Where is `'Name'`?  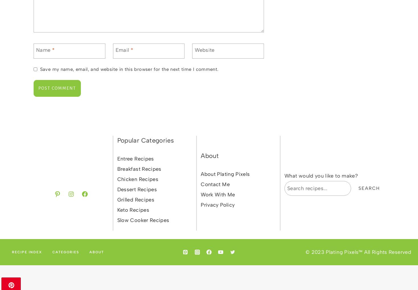
'Name' is located at coordinates (44, 50).